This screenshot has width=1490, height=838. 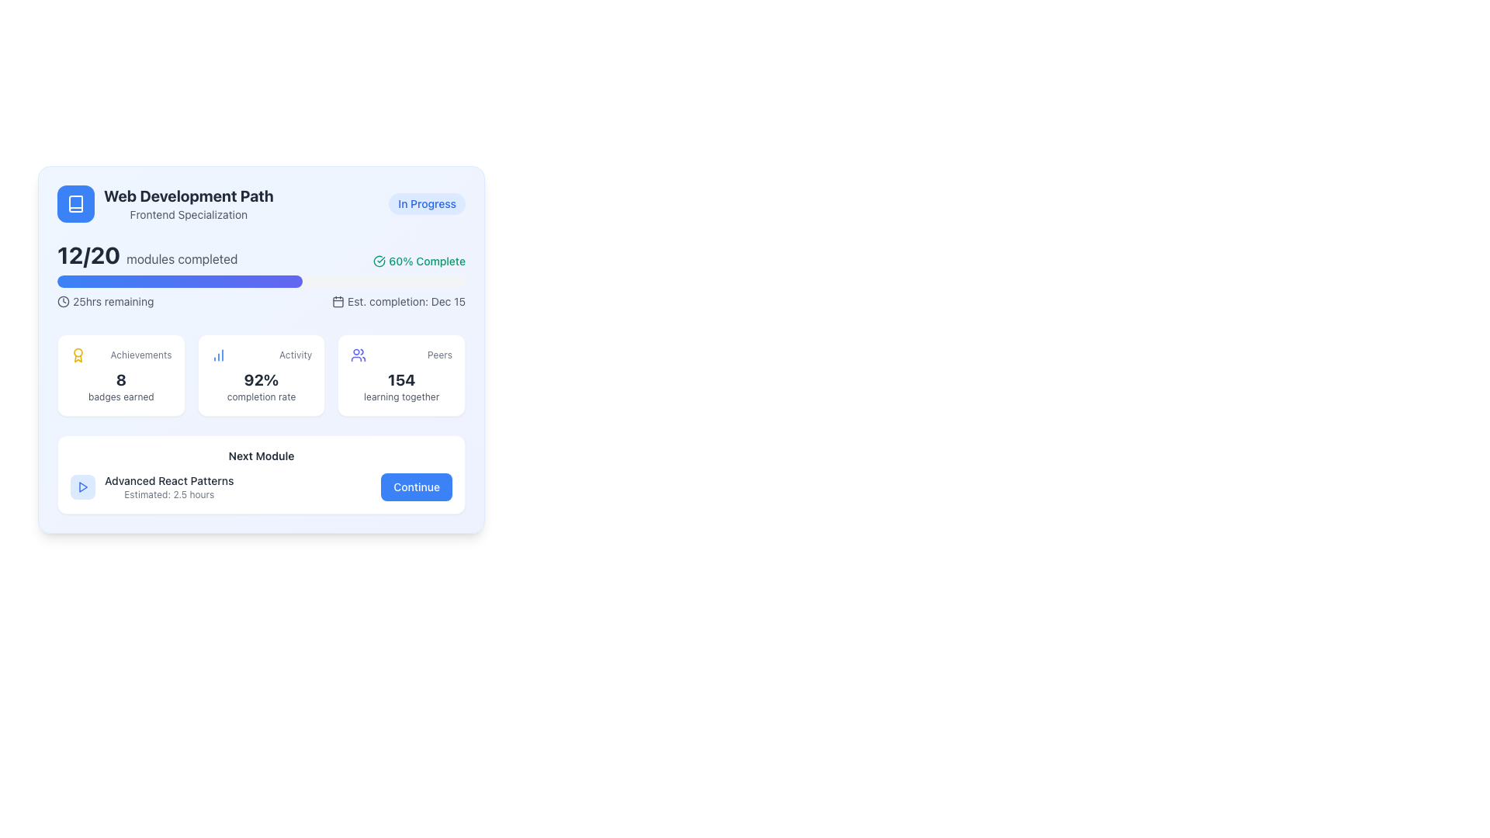 What do you see at coordinates (179, 281) in the screenshot?
I see `the filled portion of the progress bar, which is a rounded rectangular design with a gradient from blue to purple, indicating 60% completion, located below '12/20 modules completed'` at bounding box center [179, 281].